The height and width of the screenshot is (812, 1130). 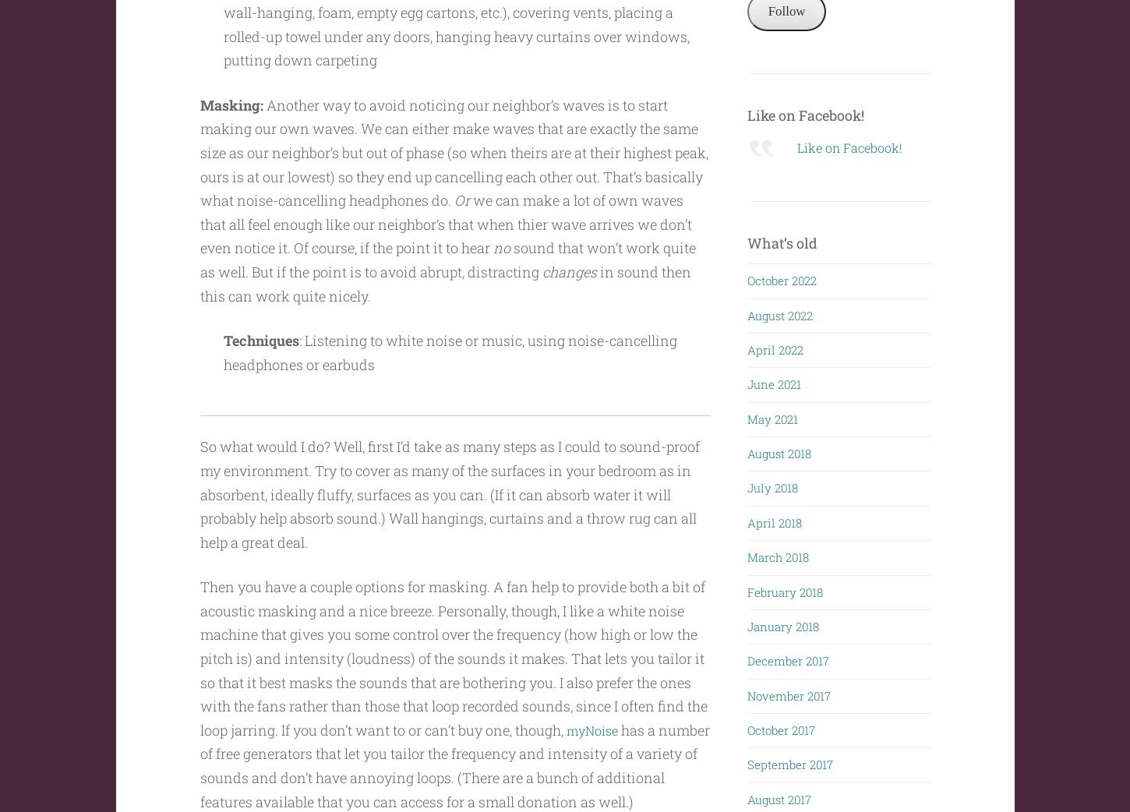 What do you see at coordinates (789, 761) in the screenshot?
I see `'September 2017'` at bounding box center [789, 761].